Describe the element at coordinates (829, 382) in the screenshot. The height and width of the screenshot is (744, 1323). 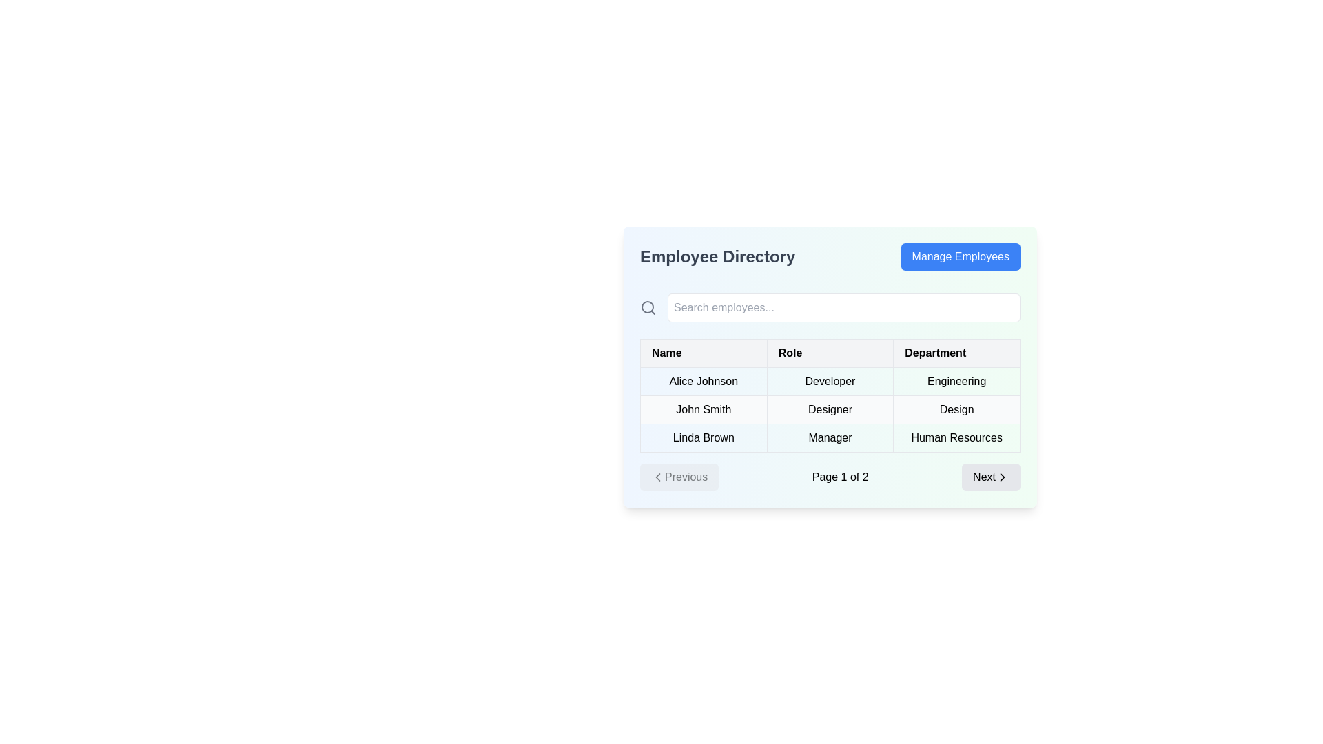
I see `the text label displaying 'Developer' in the 'Role' column of the Employee Directory table, which is the second row adjacent to 'Alice Johnson' and 'Engineering'` at that location.